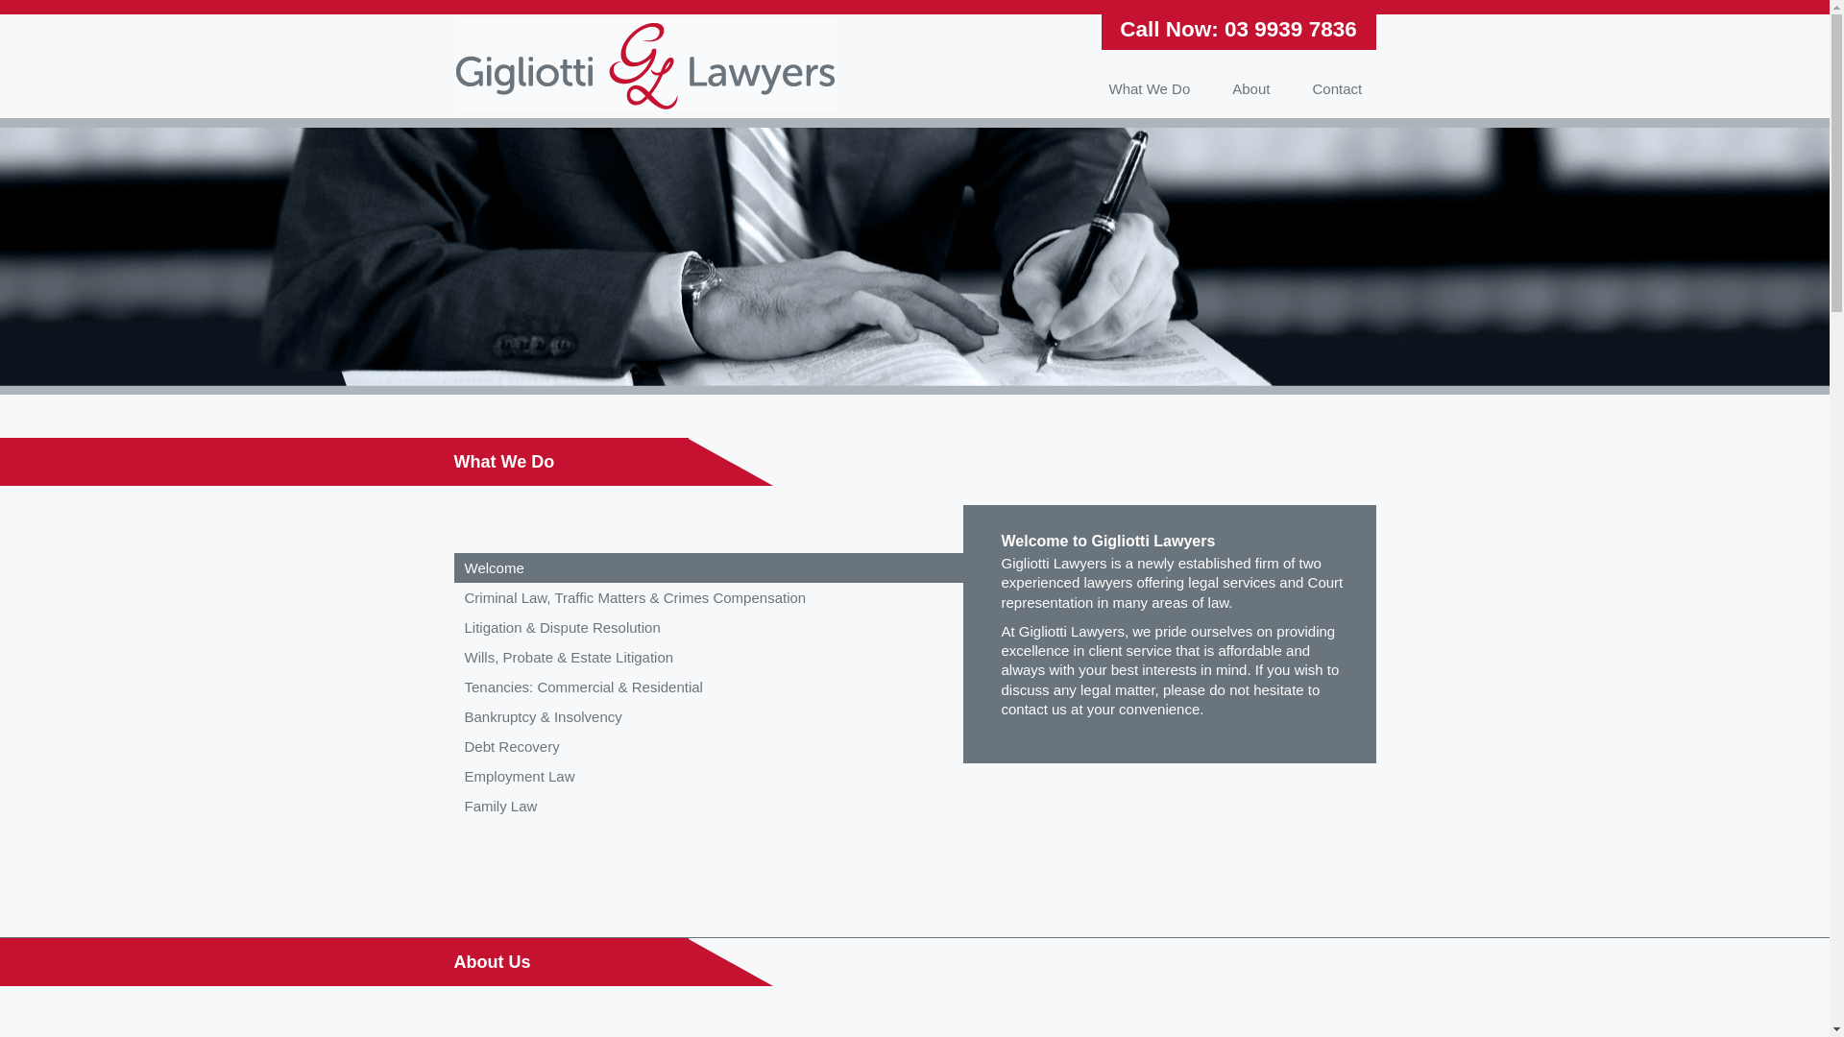  Describe the element at coordinates (1336, 88) in the screenshot. I see `'Contact'` at that location.